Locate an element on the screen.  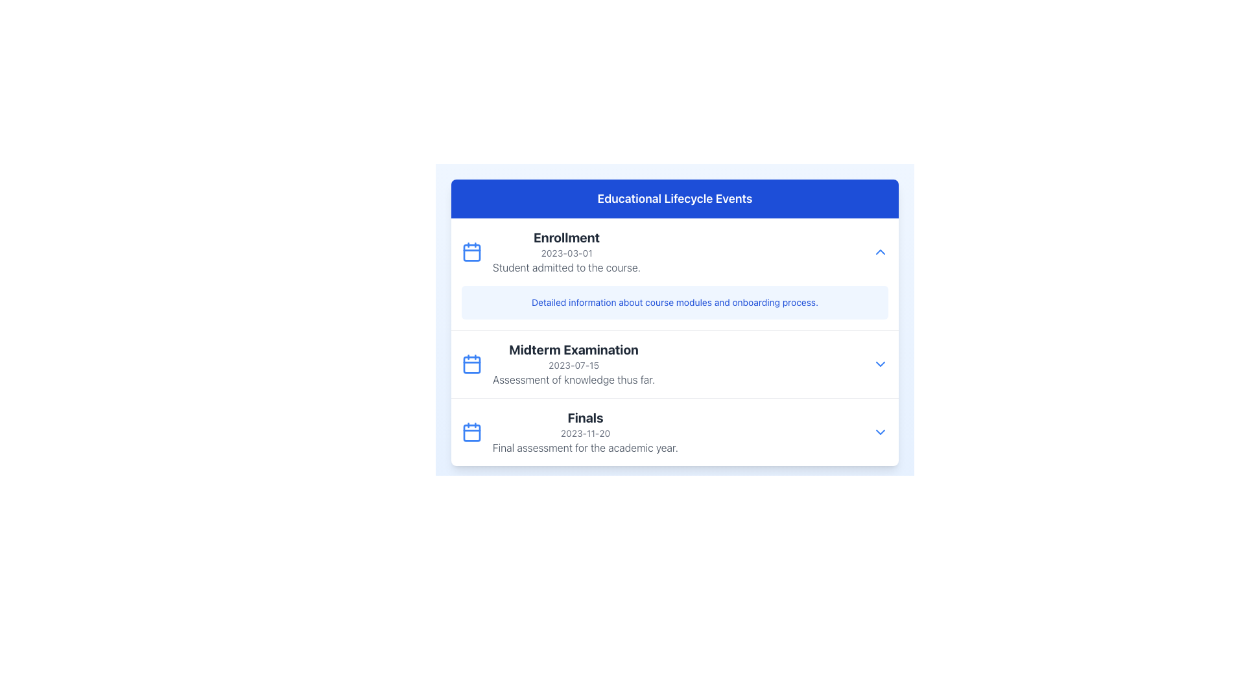
the collapsible toggle button located at the far-right of the 'Enrollment' section for accessibility navigation is located at coordinates (881, 252).